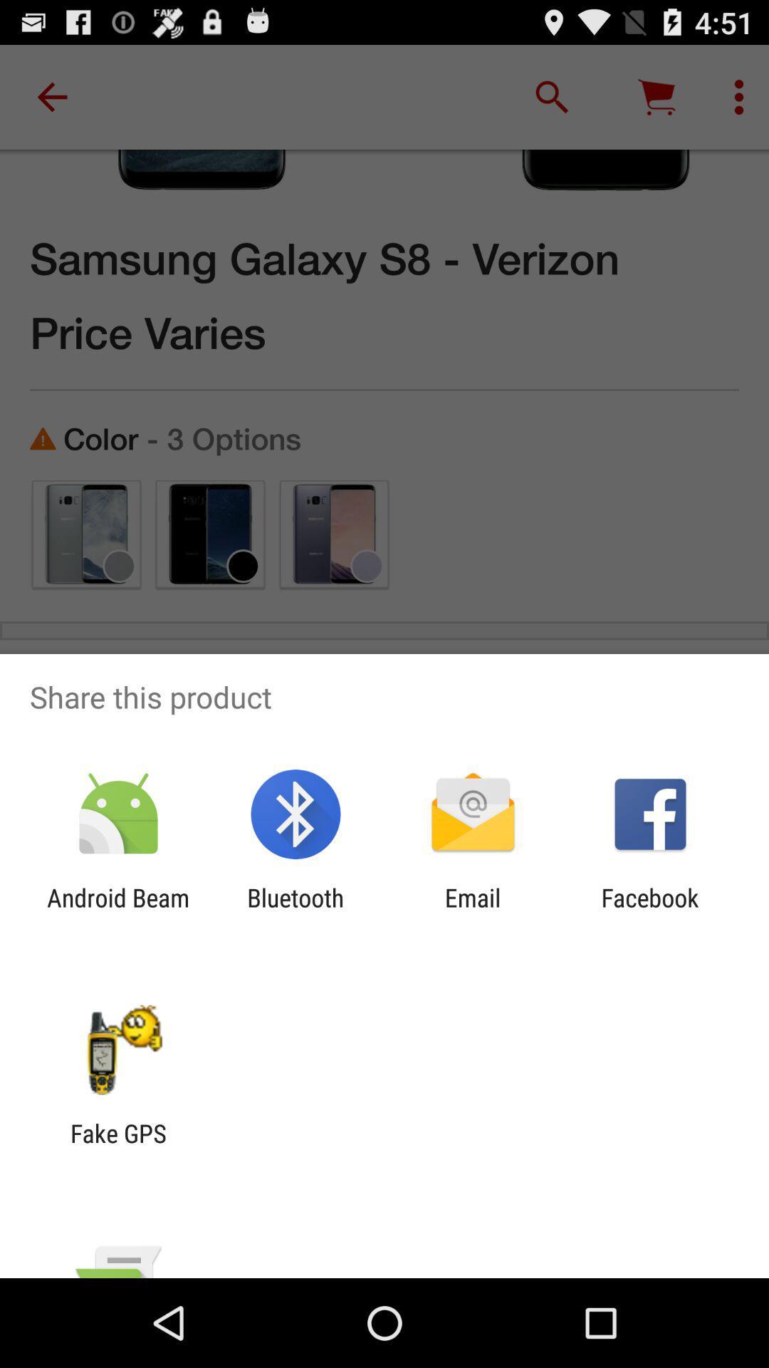 This screenshot has height=1368, width=769. I want to click on icon next to the facebook icon, so click(473, 913).